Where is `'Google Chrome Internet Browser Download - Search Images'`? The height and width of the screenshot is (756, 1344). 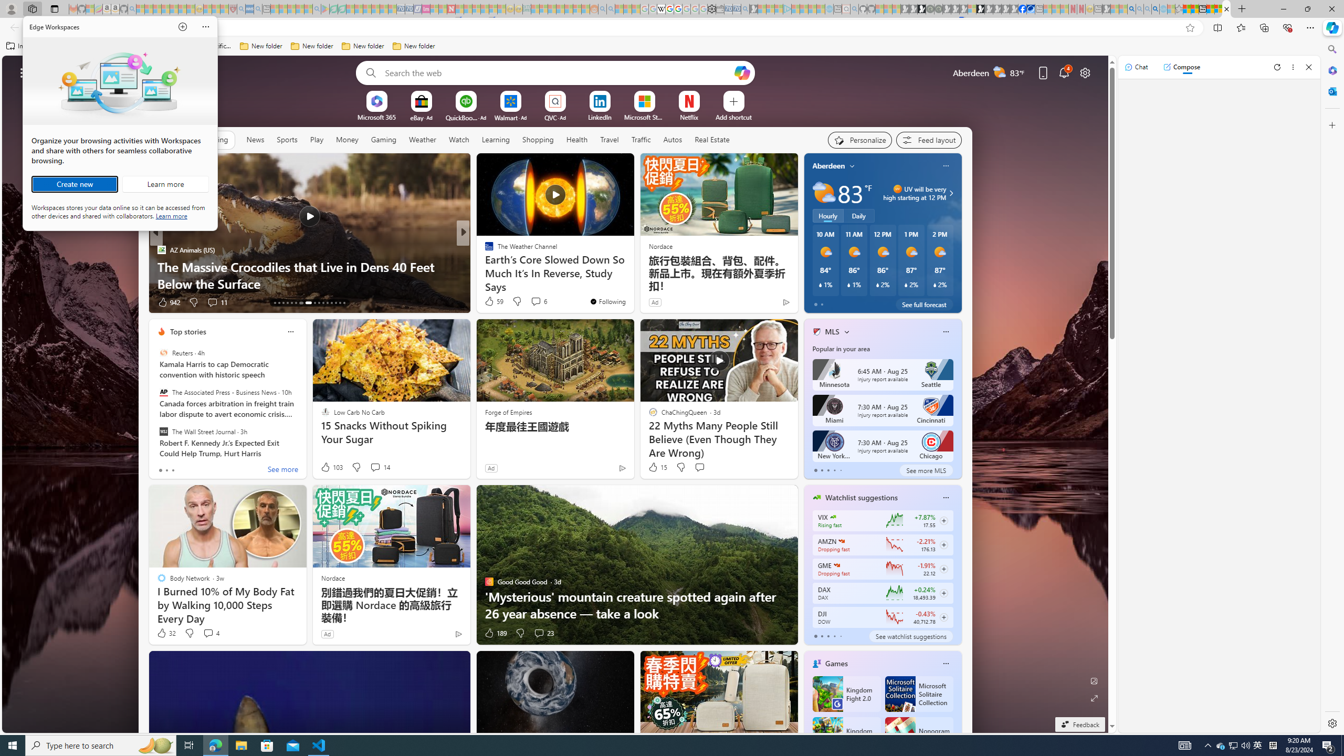
'Google Chrome Internet Browser Download - Search Images' is located at coordinates (1156, 8).